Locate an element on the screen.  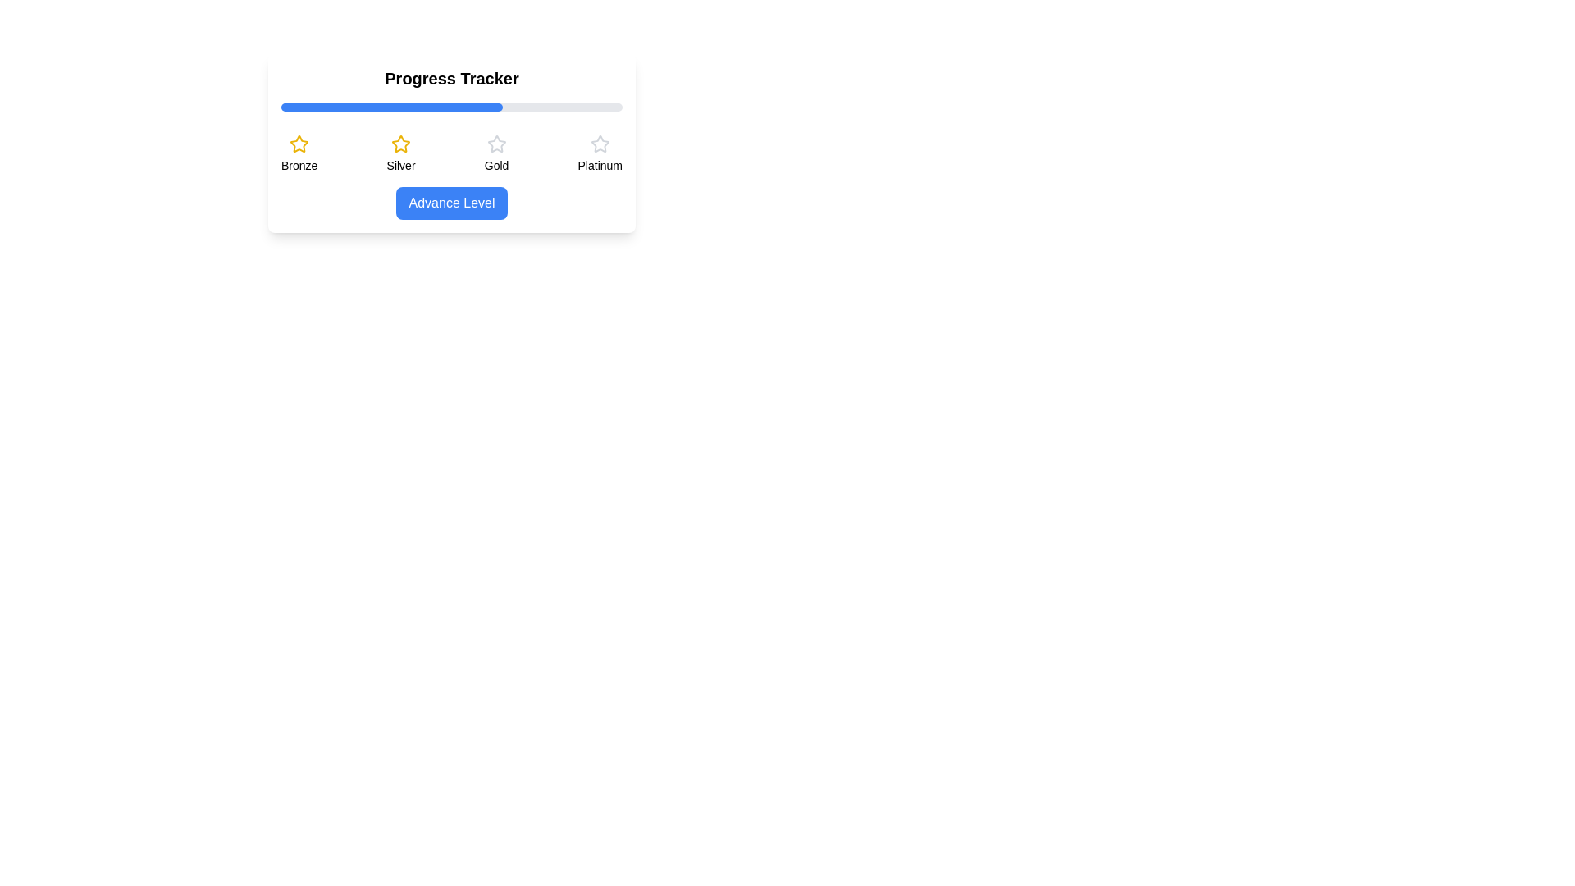
the 'Bronze' text label element, which is displayed in bold and slightly smaller font below the yellow star icon, part of a sequence of text-icon pairs representing different levels is located at coordinates (299, 165).